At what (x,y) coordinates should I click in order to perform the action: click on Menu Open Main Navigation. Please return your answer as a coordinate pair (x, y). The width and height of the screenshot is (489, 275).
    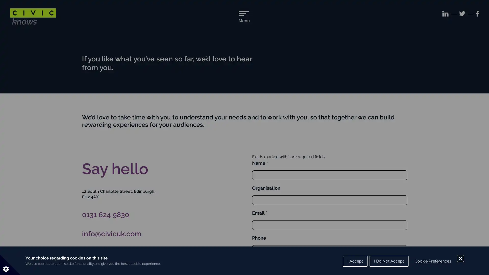
    Looking at the image, I should click on (244, 17).